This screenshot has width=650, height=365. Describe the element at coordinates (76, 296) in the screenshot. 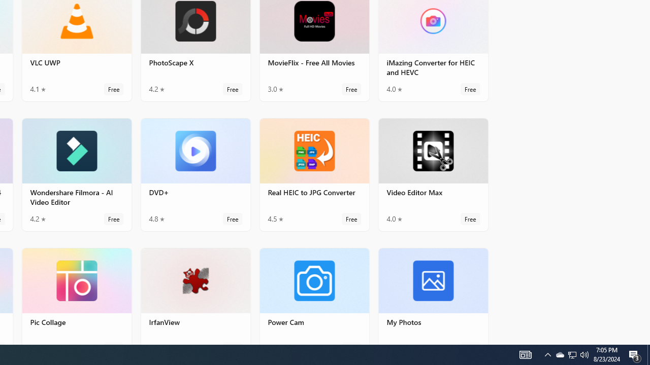

I see `'Pic Collage. Average rating of 4.8 out of five stars. Free  '` at that location.